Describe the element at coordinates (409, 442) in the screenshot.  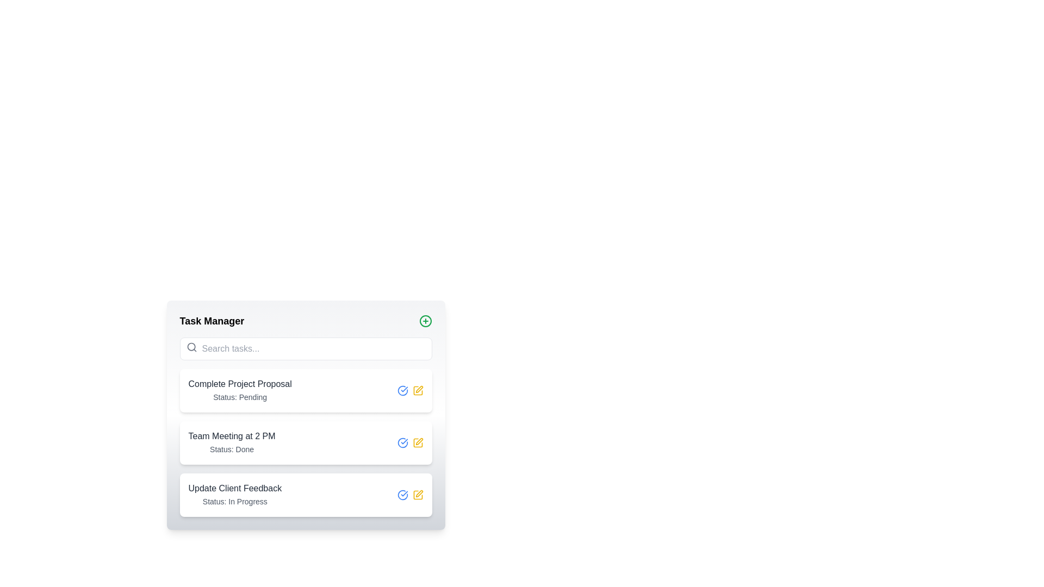
I see `the group of action icons for the 'Team Meeting at 2 PM' task entry` at that location.